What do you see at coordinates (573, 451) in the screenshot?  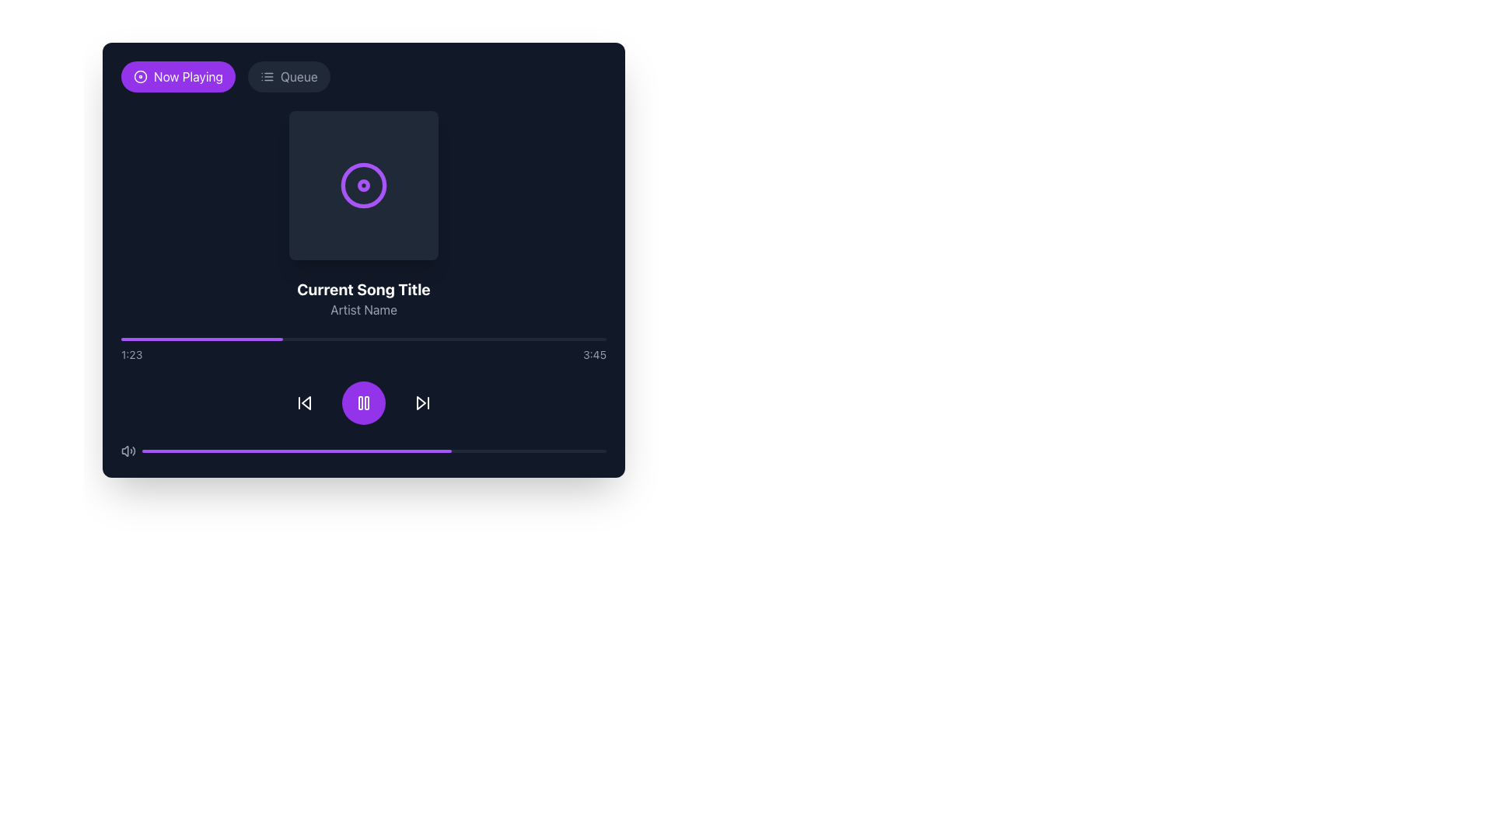 I see `the volume level` at bounding box center [573, 451].